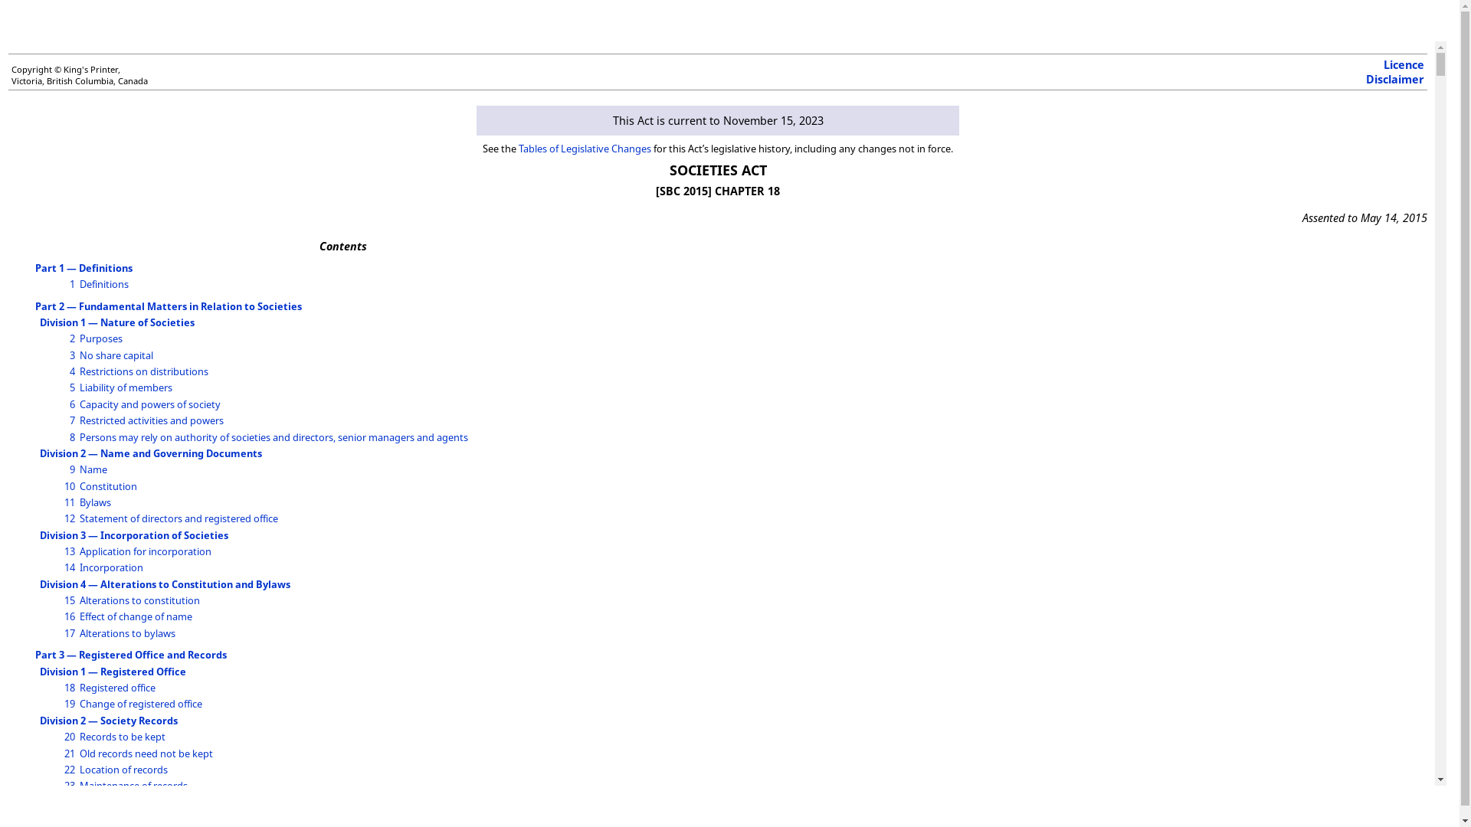 This screenshot has width=1471, height=827. Describe the element at coordinates (123, 770) in the screenshot. I see `'Location of records'` at that location.